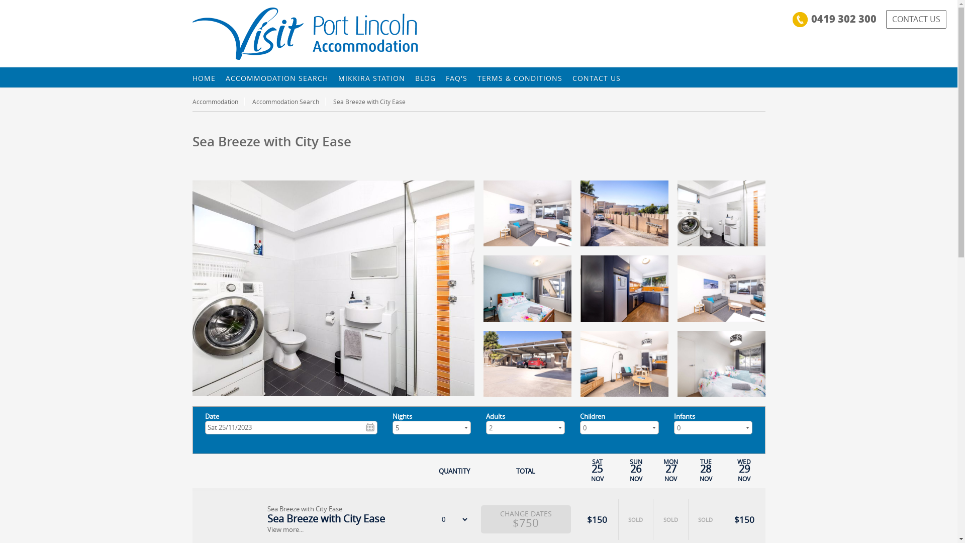 The image size is (965, 543). I want to click on '27', so click(670, 469).